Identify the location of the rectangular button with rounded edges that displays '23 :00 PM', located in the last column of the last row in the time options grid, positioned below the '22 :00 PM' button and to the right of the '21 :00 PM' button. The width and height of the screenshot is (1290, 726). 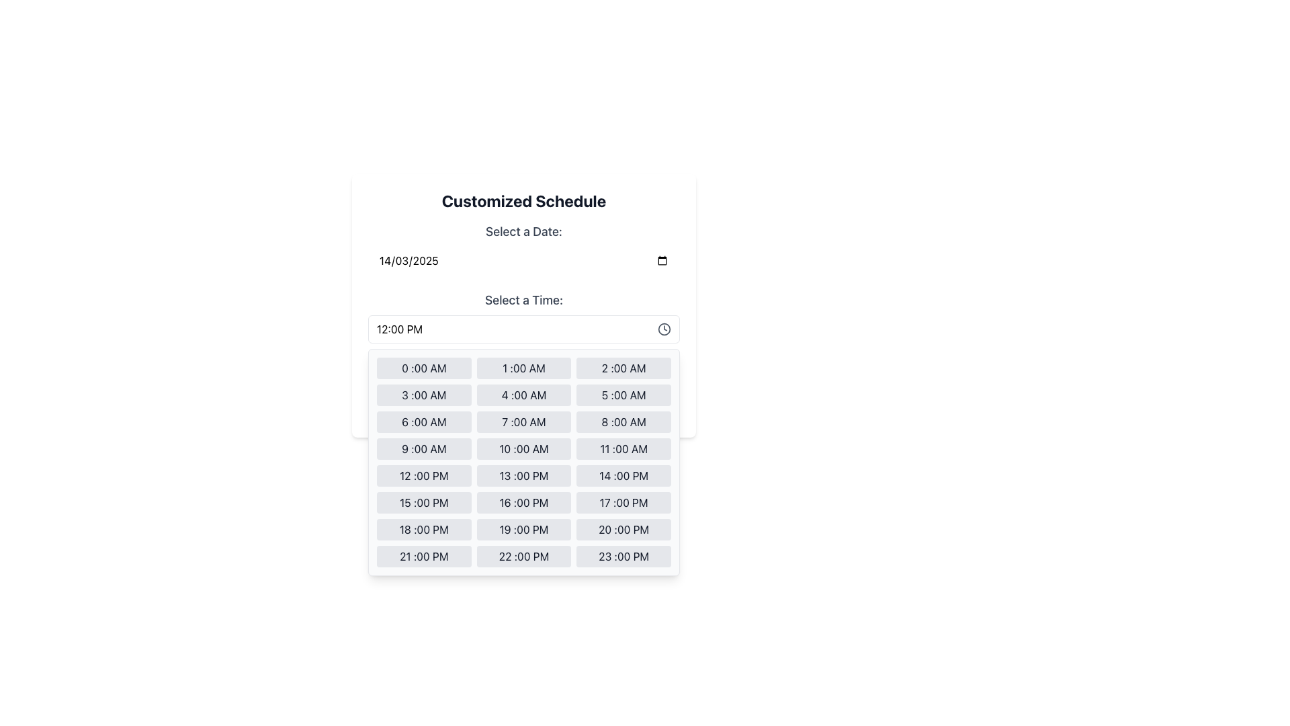
(623, 557).